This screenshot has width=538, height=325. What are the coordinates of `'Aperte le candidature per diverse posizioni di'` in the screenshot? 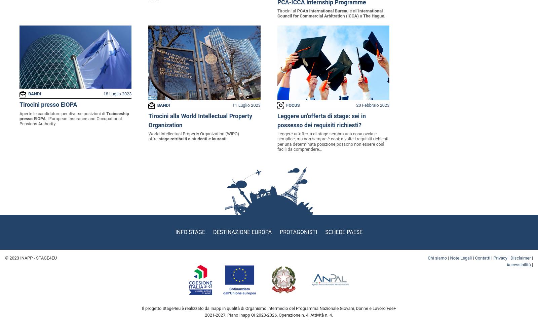 It's located at (63, 113).